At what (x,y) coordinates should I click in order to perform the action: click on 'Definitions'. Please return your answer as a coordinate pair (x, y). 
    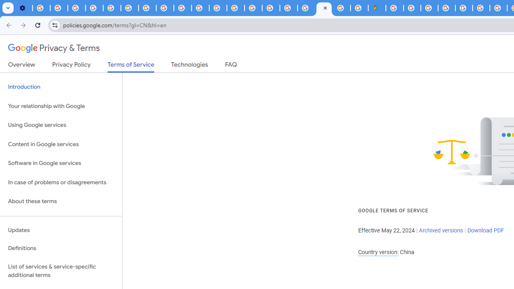
    Looking at the image, I should click on (61, 248).